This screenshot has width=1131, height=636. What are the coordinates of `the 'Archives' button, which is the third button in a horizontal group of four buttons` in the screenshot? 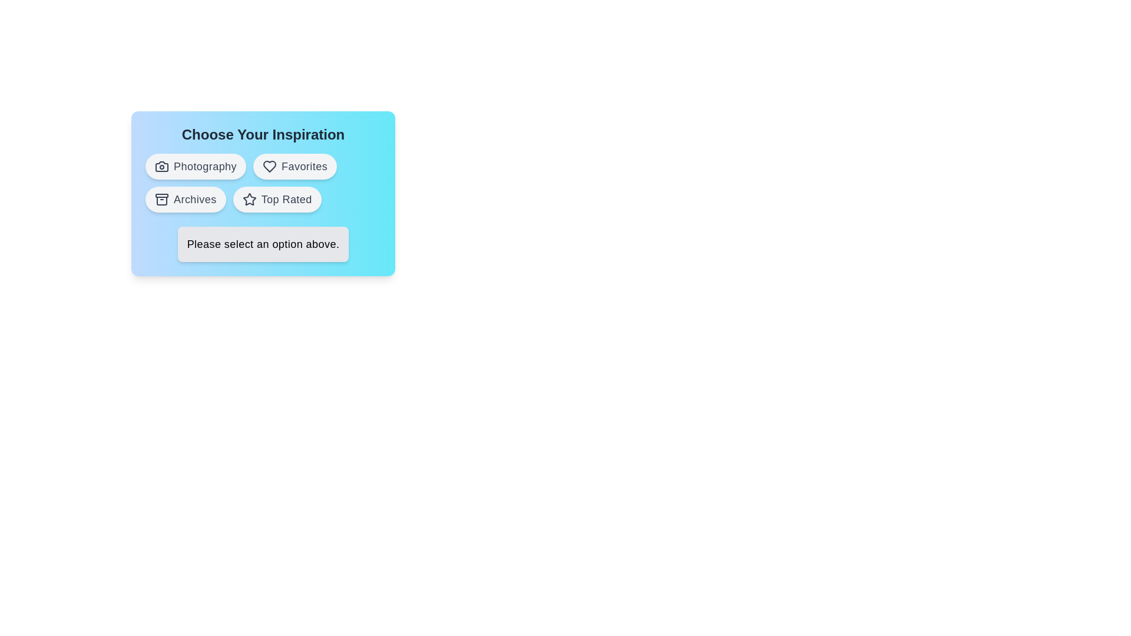 It's located at (185, 199).